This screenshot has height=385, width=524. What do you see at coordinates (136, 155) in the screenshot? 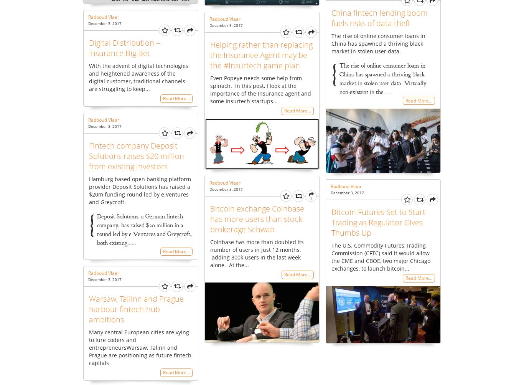
I see `'Fintech company Deposit Solutions raises $20 million from existing investors'` at bounding box center [136, 155].